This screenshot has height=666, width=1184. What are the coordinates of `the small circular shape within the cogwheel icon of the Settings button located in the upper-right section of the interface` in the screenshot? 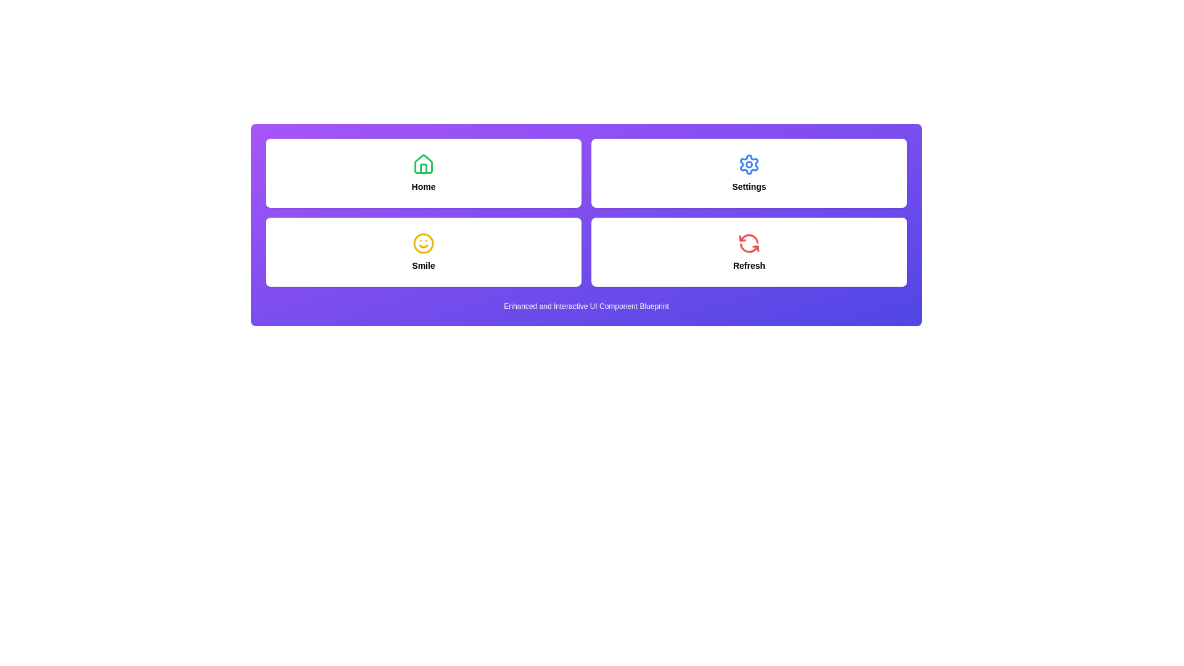 It's located at (748, 163).